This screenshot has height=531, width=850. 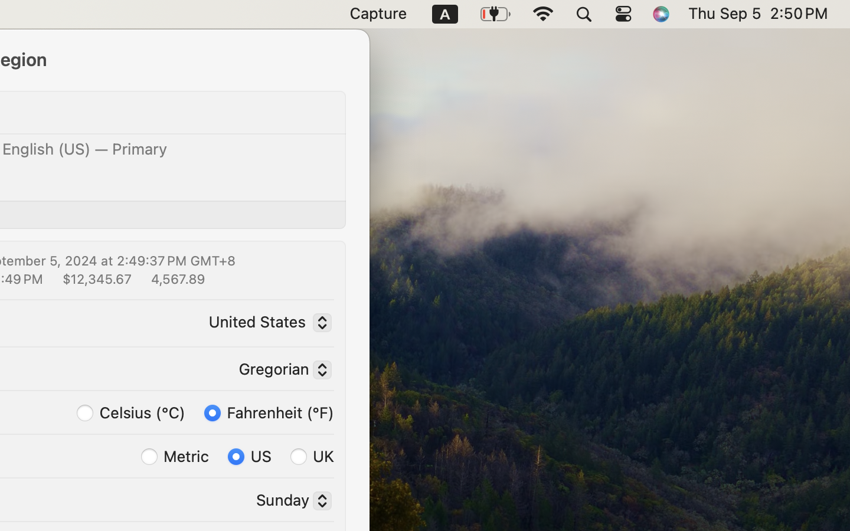 I want to click on 'Gregorian', so click(x=280, y=371).